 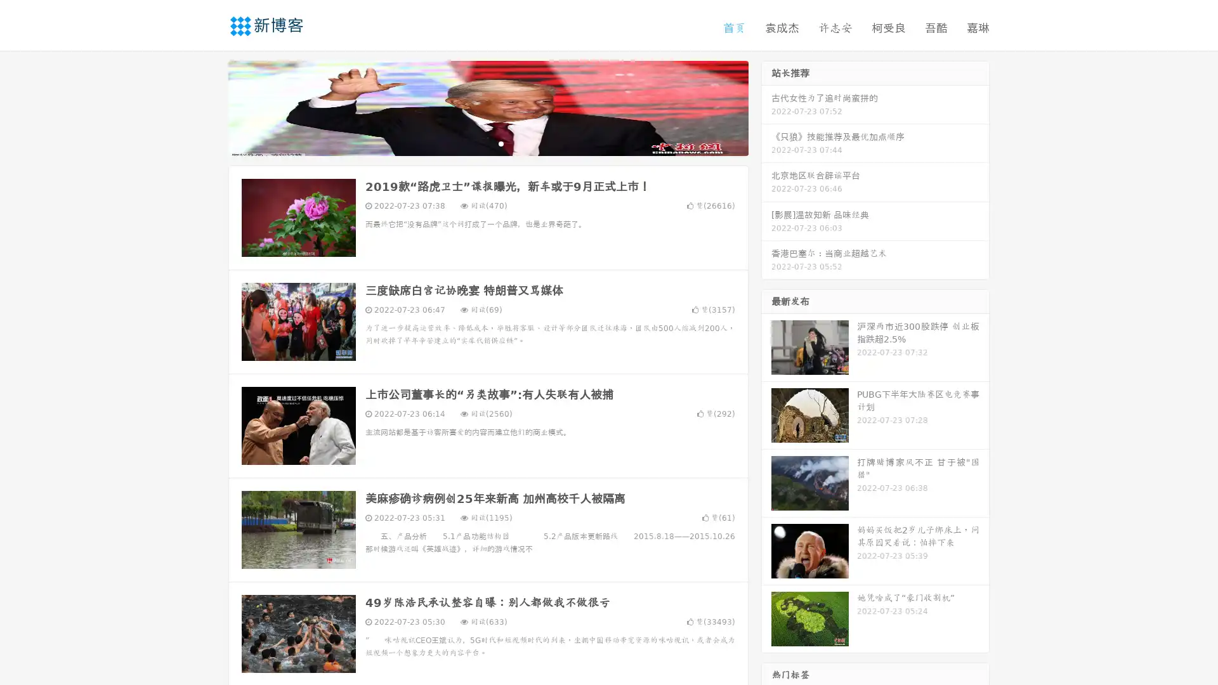 I want to click on Previous slide, so click(x=209, y=107).